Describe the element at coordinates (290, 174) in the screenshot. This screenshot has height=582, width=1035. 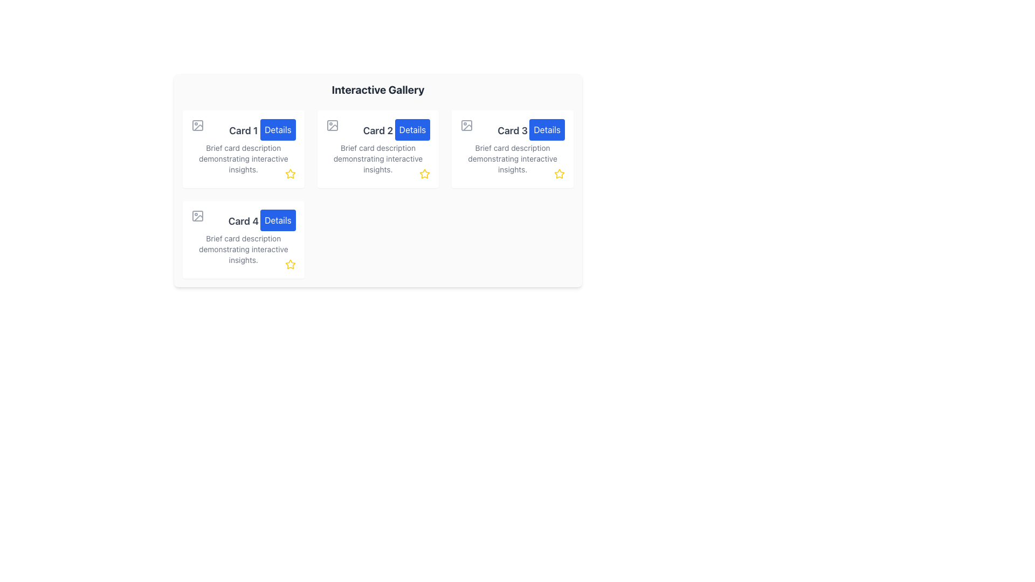
I see `the star icon located at the bottom-right corner of 'Card 1' to mark the card as a favorite` at that location.